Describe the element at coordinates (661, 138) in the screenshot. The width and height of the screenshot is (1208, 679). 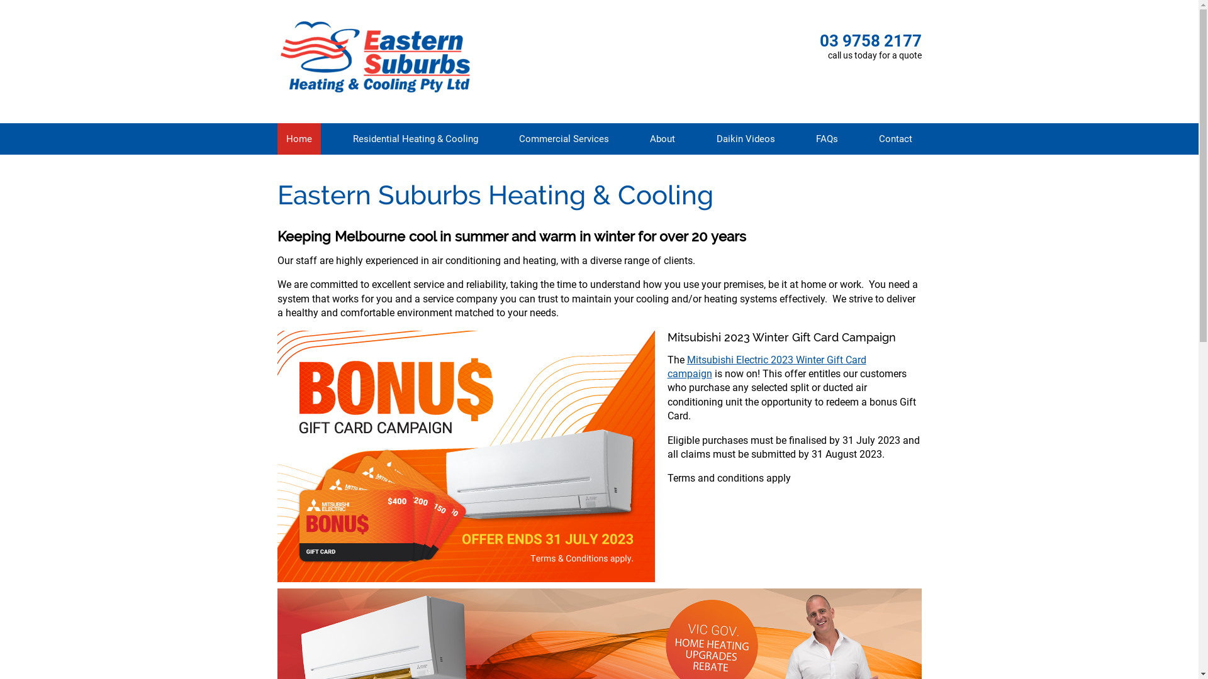
I see `'About'` at that location.